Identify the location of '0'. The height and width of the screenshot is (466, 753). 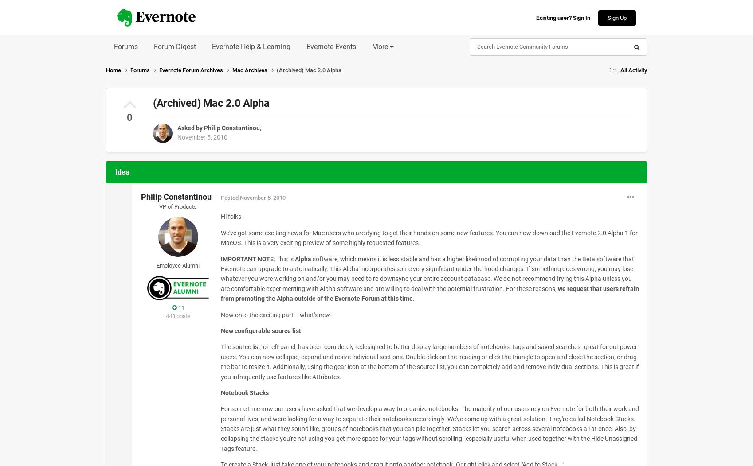
(129, 117).